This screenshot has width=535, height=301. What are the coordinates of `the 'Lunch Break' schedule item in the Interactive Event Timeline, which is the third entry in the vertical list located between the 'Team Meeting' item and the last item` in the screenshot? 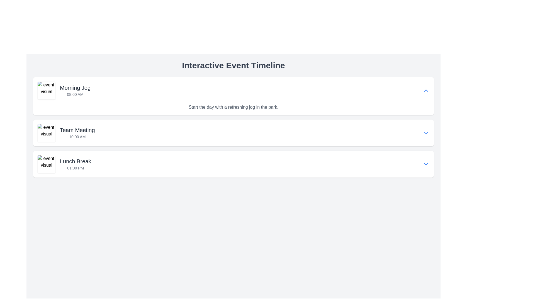 It's located at (64, 164).